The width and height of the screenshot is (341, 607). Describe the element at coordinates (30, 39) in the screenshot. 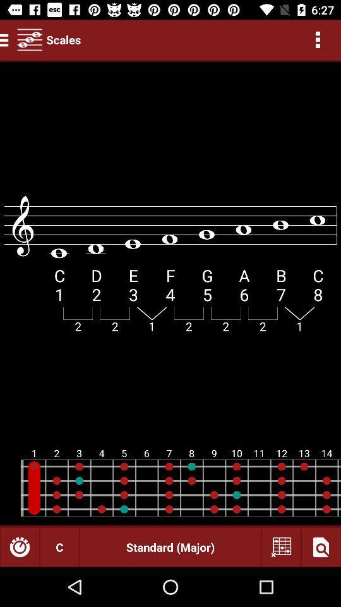

I see `the sliders icon` at that location.